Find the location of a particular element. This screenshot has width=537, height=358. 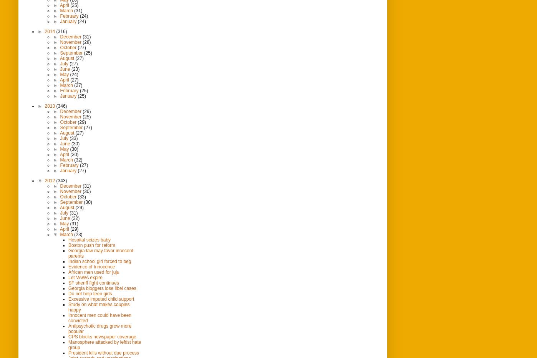

'(346)' is located at coordinates (61, 105).